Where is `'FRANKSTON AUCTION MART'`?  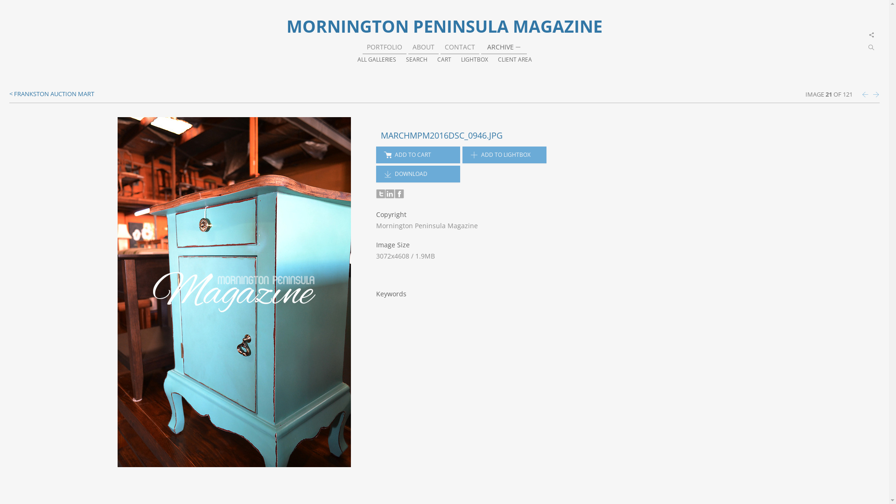
'FRANKSTON AUCTION MART' is located at coordinates (51, 93).